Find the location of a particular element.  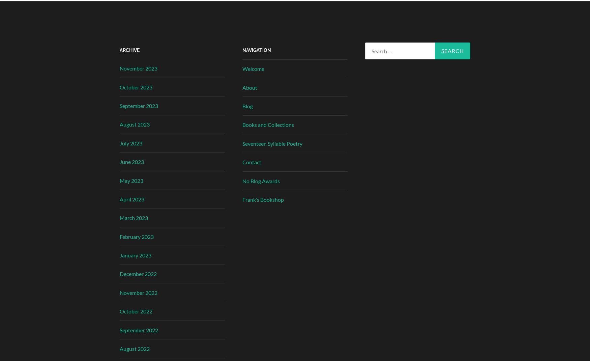

'October 2022' is located at coordinates (136, 311).